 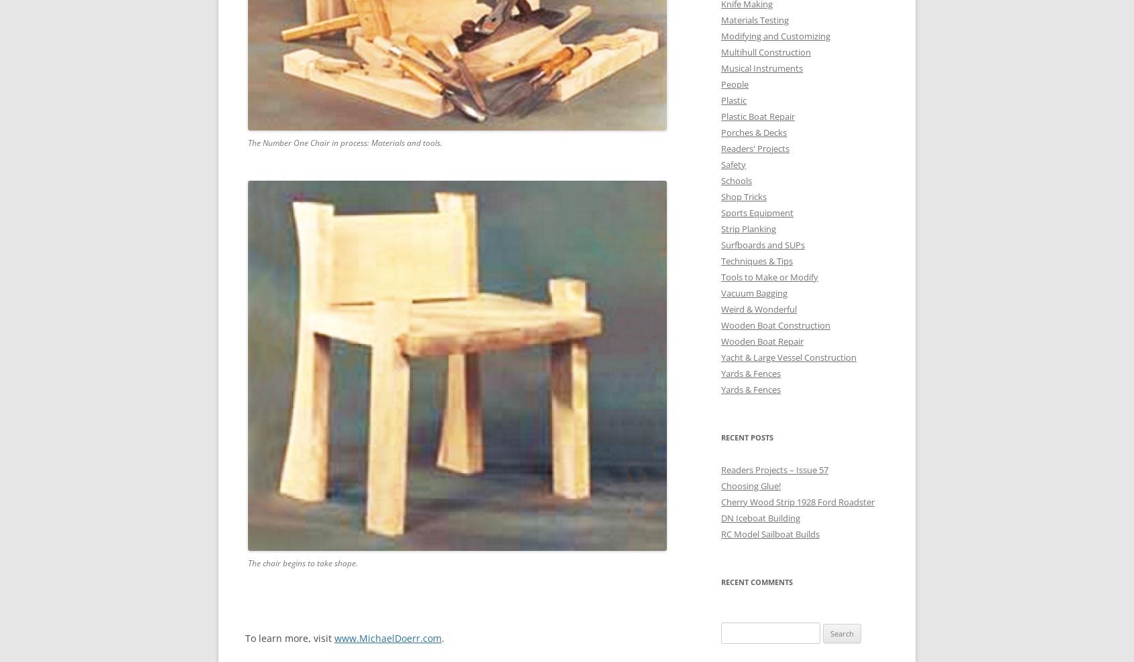 I want to click on 'Surfboards and SUPs', so click(x=762, y=244).